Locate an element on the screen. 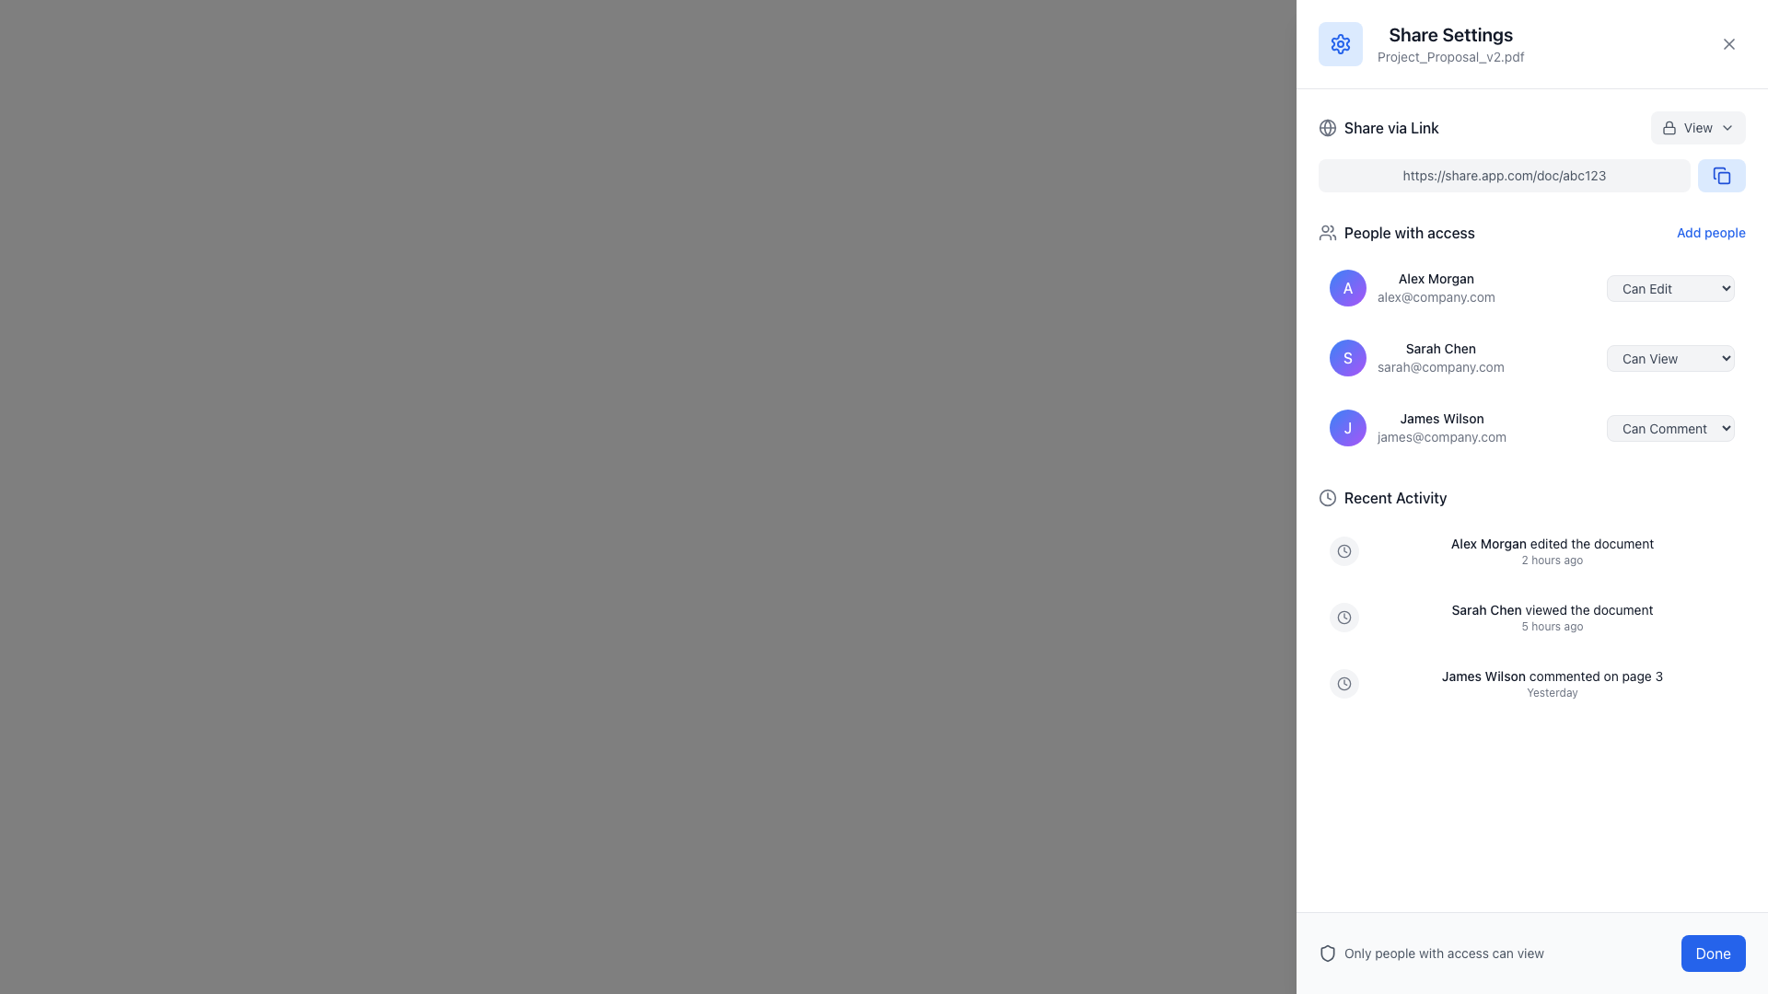 The image size is (1768, 994). the text link labeled 'Add people.' in the 'People with access' section to change its color is located at coordinates (1710, 232).